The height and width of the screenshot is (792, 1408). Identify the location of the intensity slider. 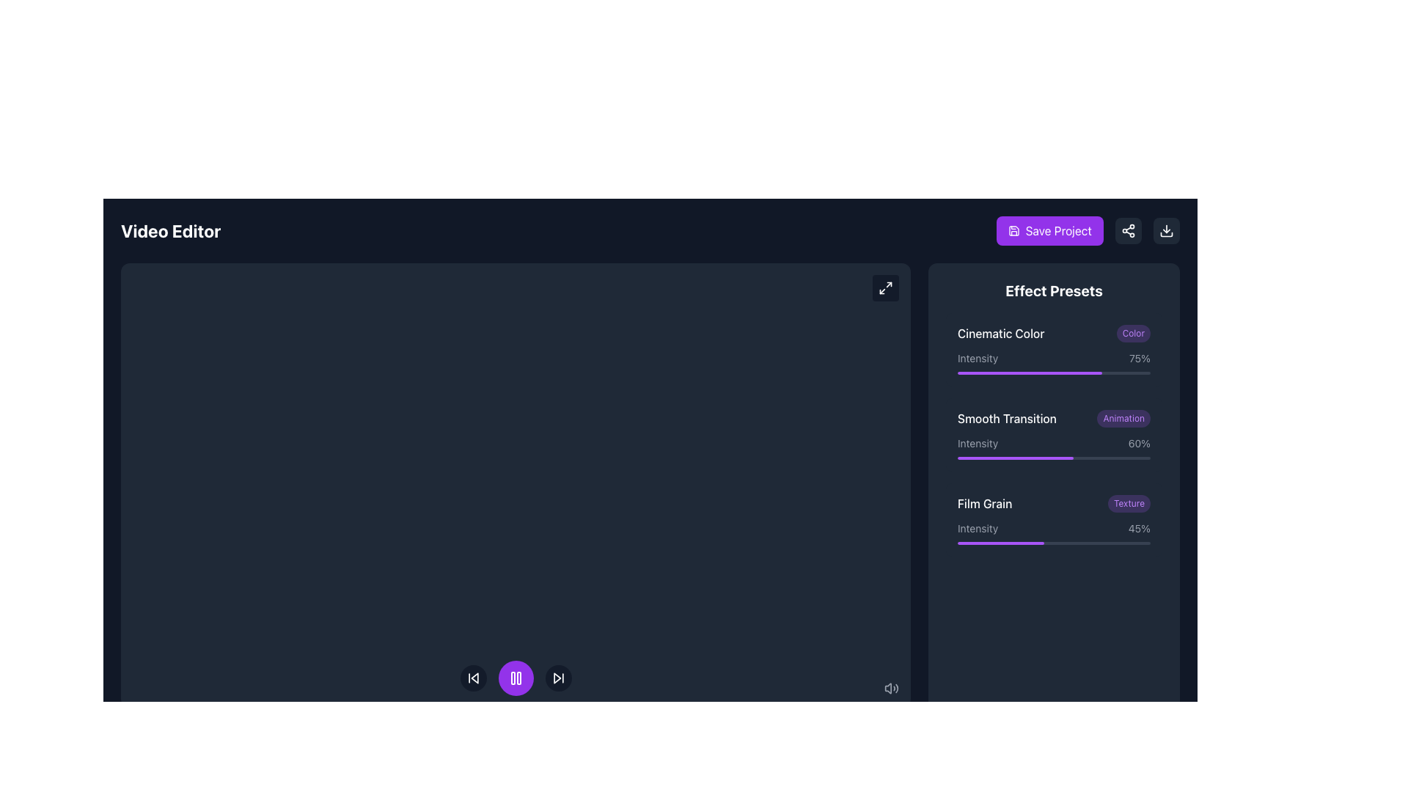
(1009, 543).